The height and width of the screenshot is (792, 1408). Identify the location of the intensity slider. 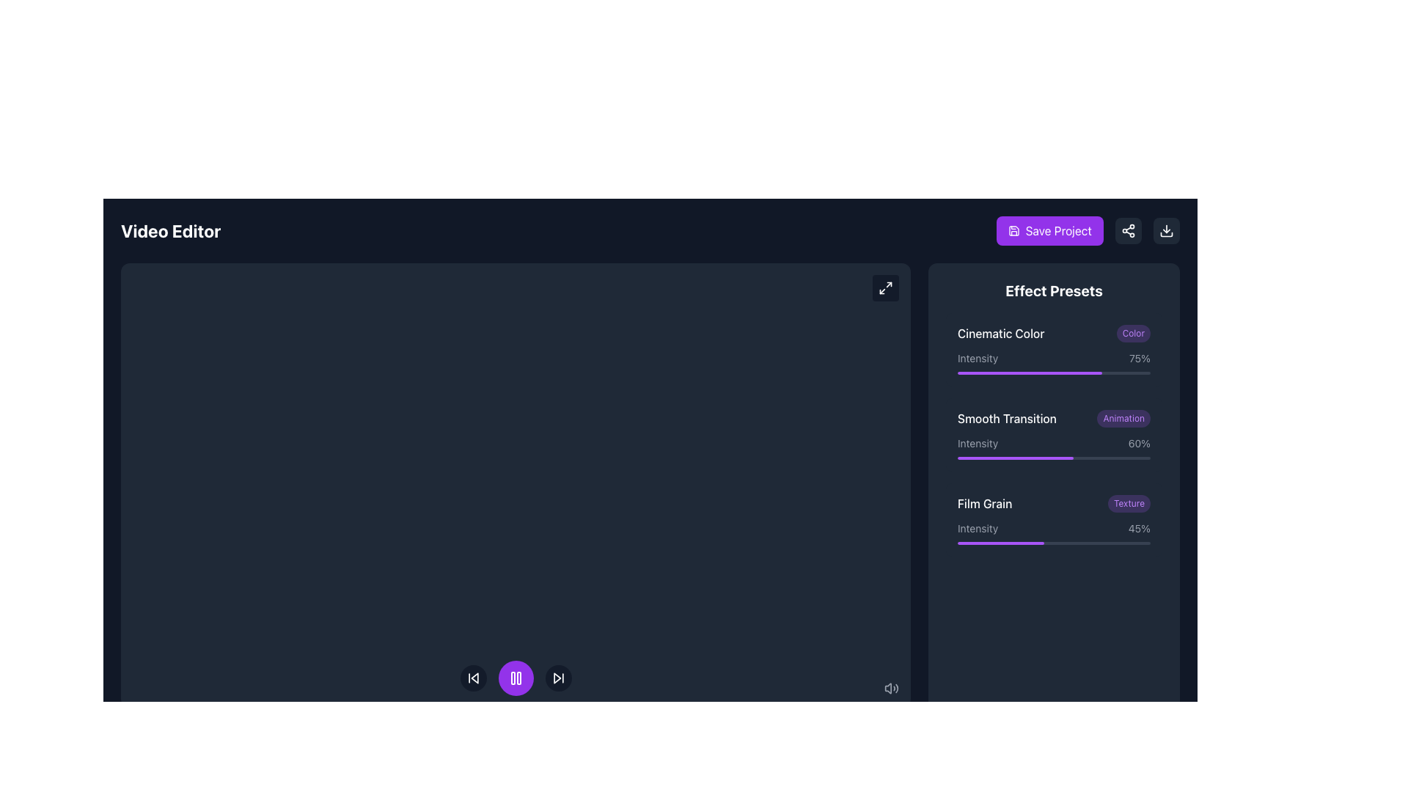
(1009, 543).